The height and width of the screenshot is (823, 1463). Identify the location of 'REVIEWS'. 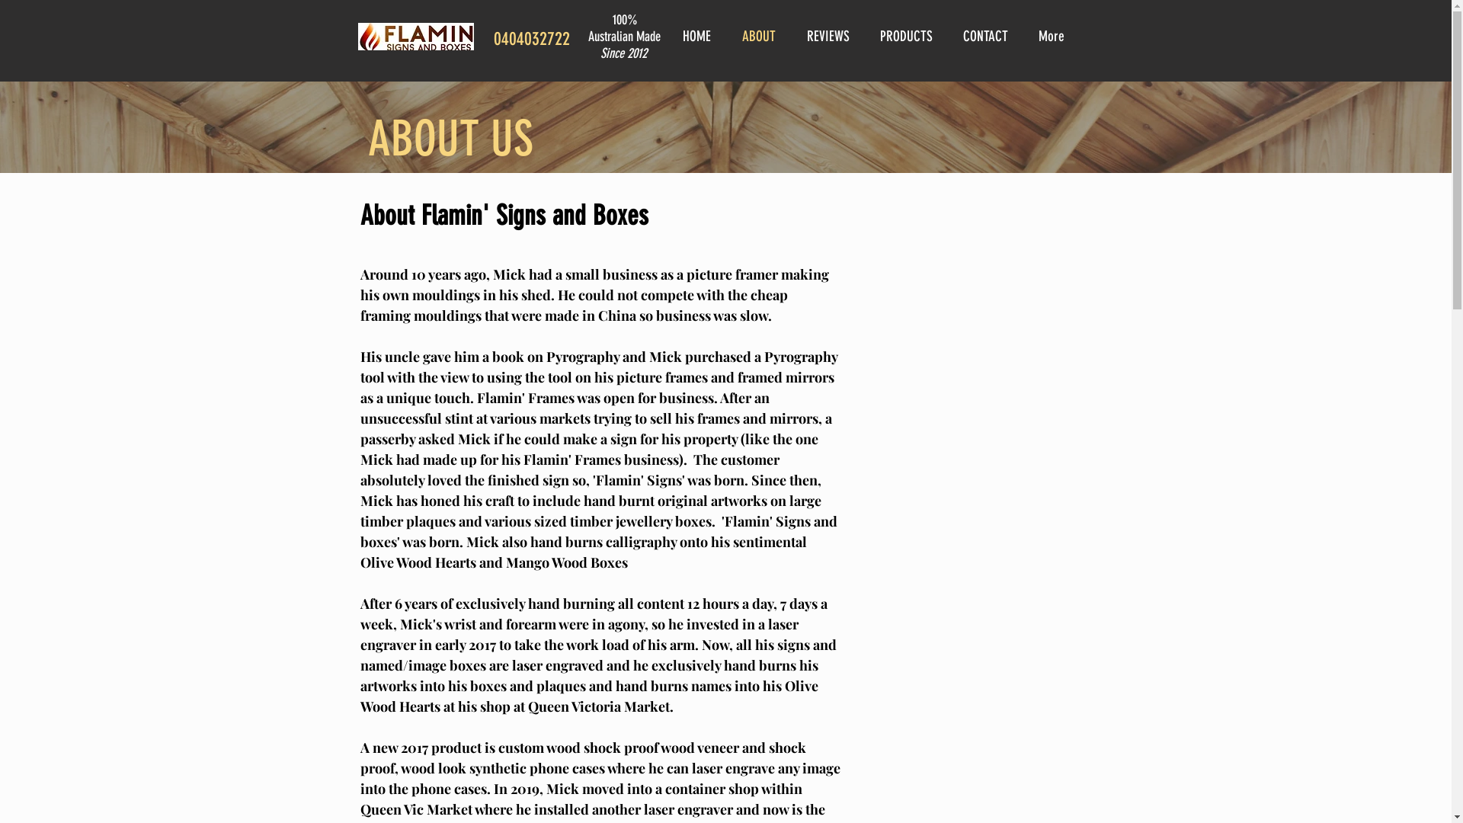
(831, 35).